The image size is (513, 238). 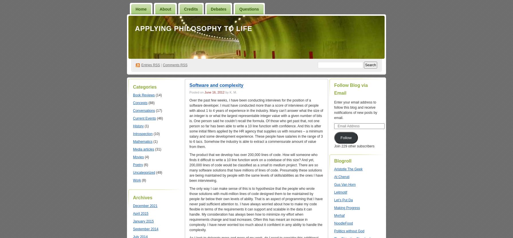 I want to click on '|', so click(x=161, y=65).